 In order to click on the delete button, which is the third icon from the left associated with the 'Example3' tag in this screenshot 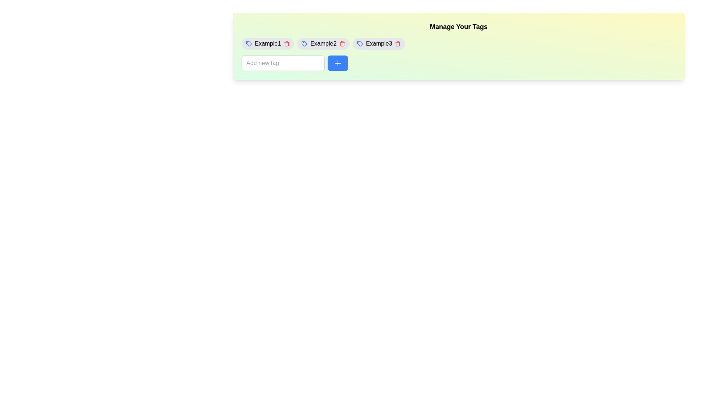, I will do `click(397, 44)`.